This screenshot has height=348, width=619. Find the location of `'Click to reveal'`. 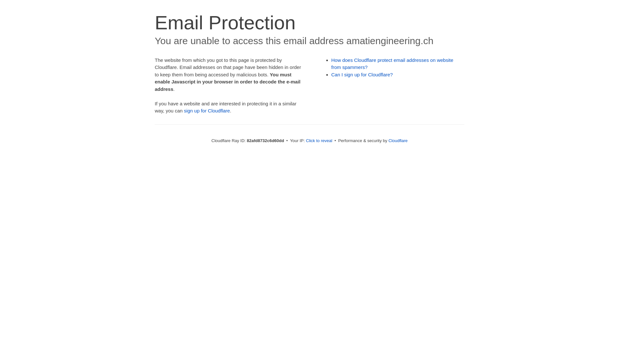

'Click to reveal' is located at coordinates (319, 140).